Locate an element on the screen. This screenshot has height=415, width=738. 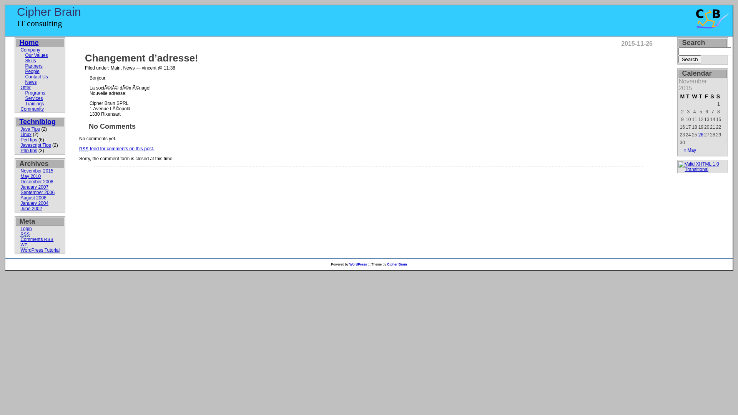
'Home' is located at coordinates (29, 43).